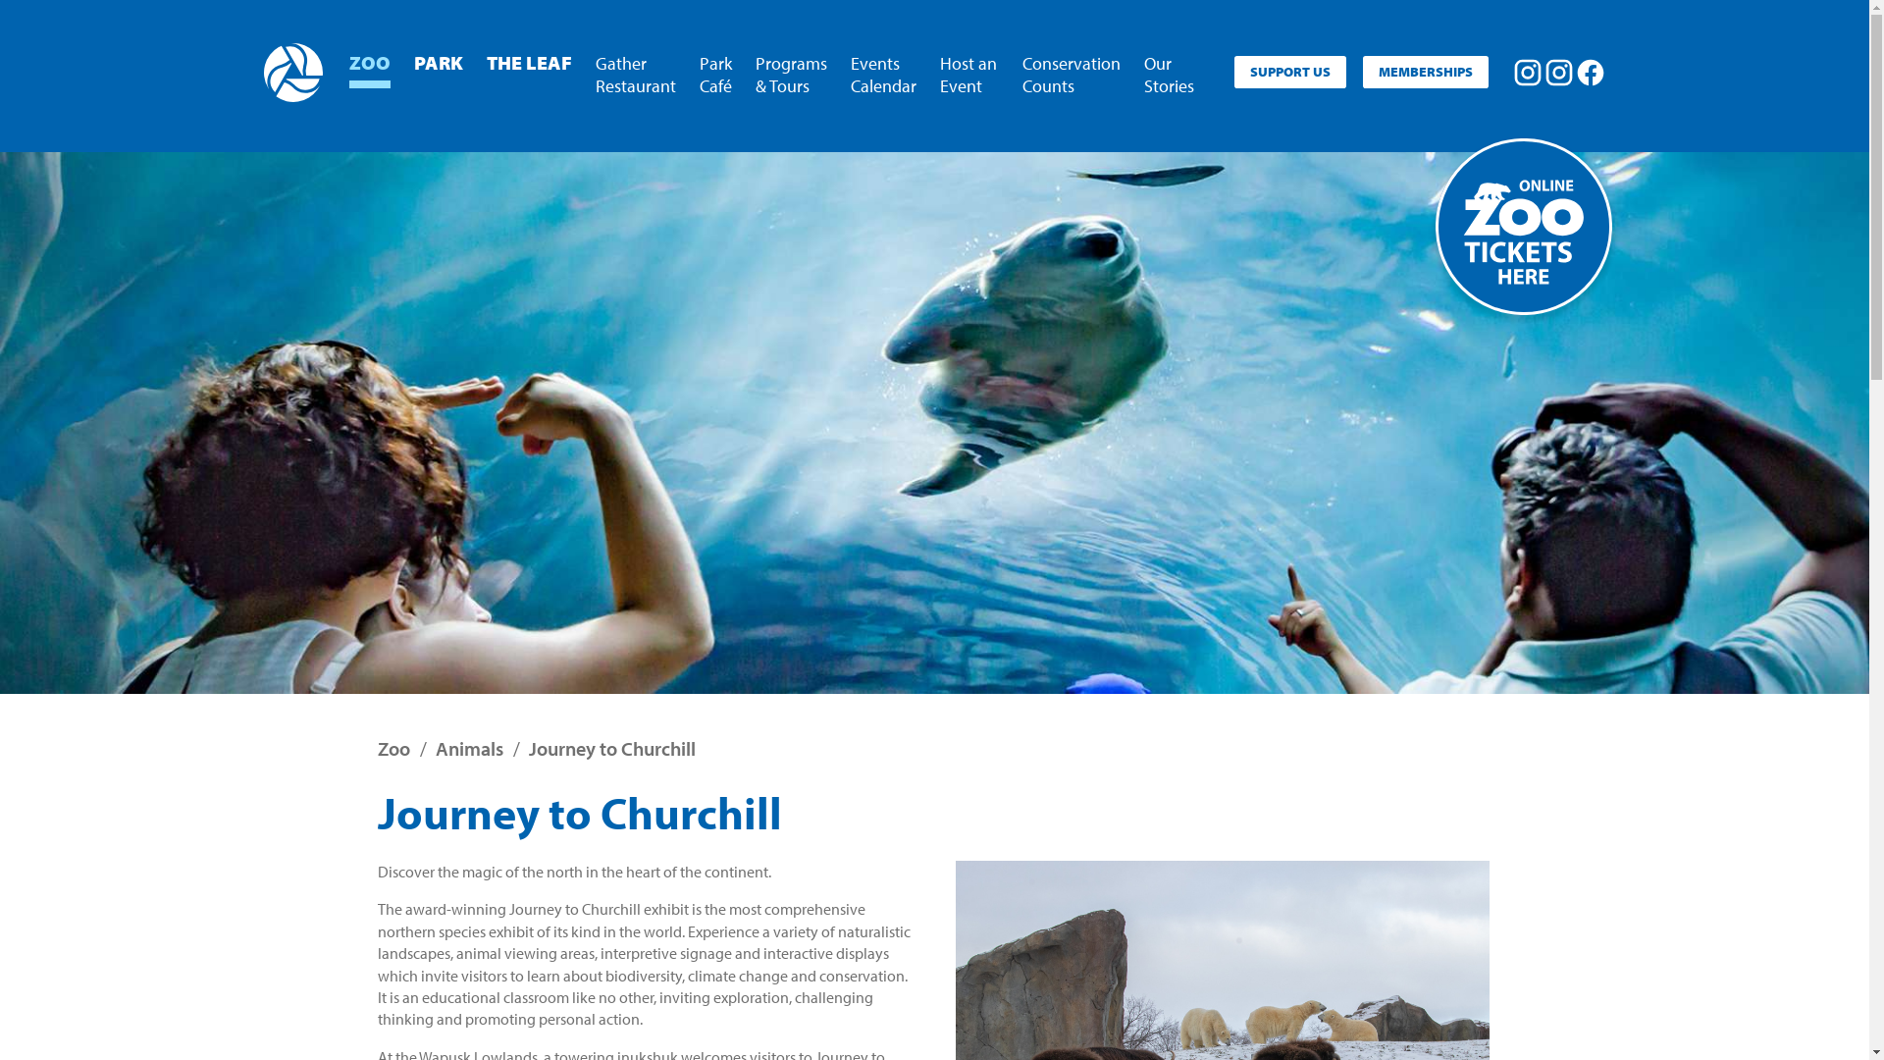  Describe the element at coordinates (392, 748) in the screenshot. I see `'Zoo'` at that location.